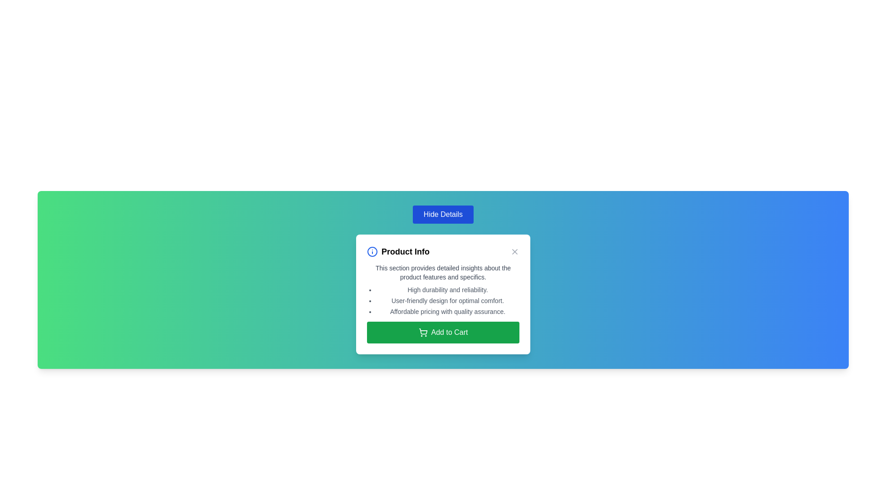  What do you see at coordinates (443, 332) in the screenshot?
I see `the green 'Add to Cart' button with rounded corners, featuring a shopping cart icon and white text` at bounding box center [443, 332].